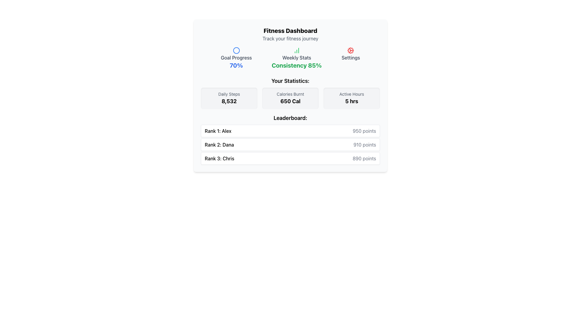  What do you see at coordinates (290, 139) in the screenshot?
I see `the specific entry in the Leaderboard element, which displays ranks and scores of participants, located below 'Your Statistics:' in the central panel of the dashboard` at bounding box center [290, 139].